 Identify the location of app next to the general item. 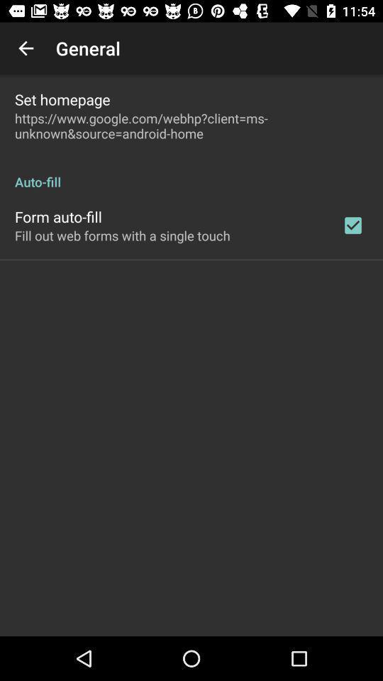
(26, 48).